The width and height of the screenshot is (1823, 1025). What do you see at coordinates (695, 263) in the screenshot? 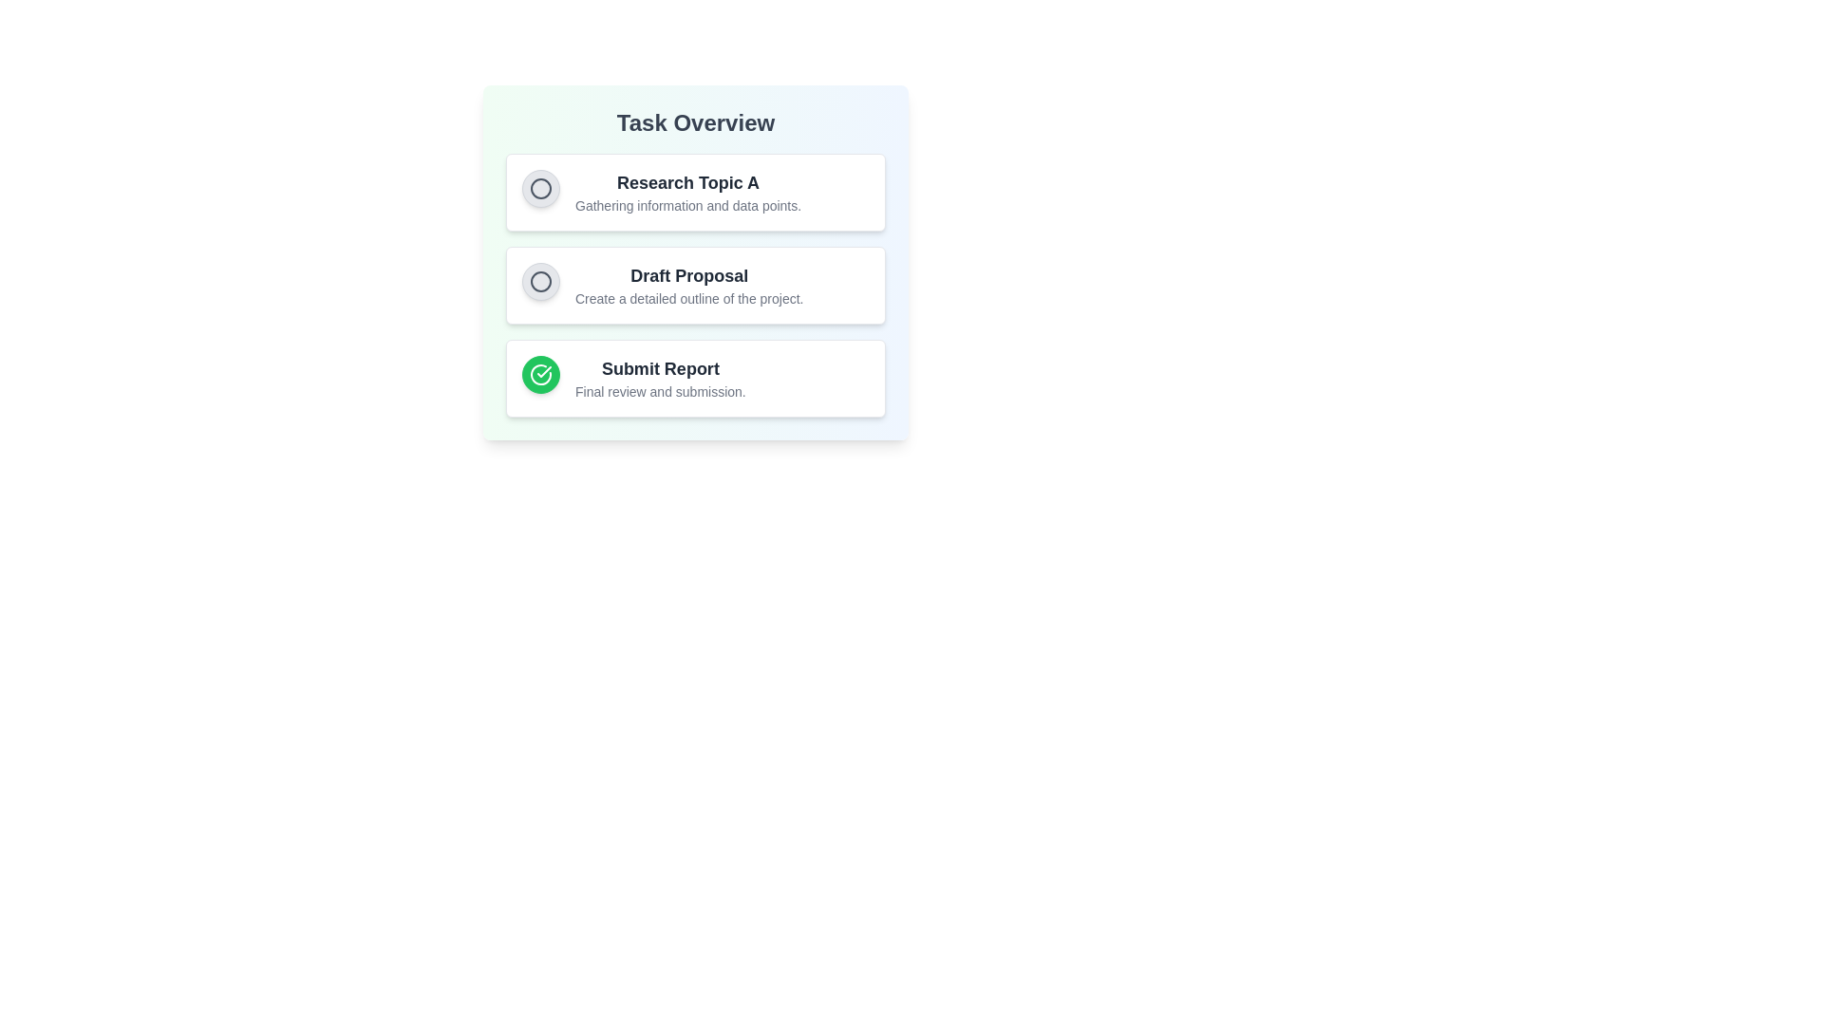
I see `the informational card that summarizes tasks, including 'Draft Proposal', located as the second card in a vertical stack` at bounding box center [695, 263].